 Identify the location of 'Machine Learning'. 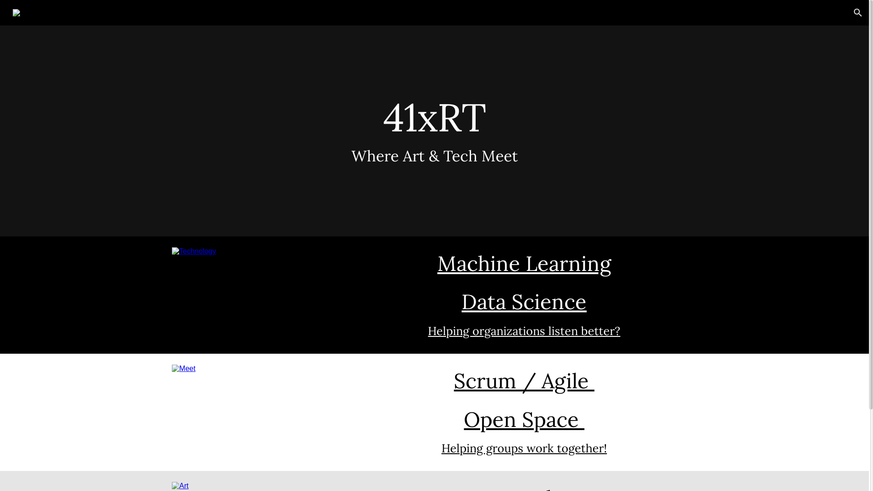
(524, 263).